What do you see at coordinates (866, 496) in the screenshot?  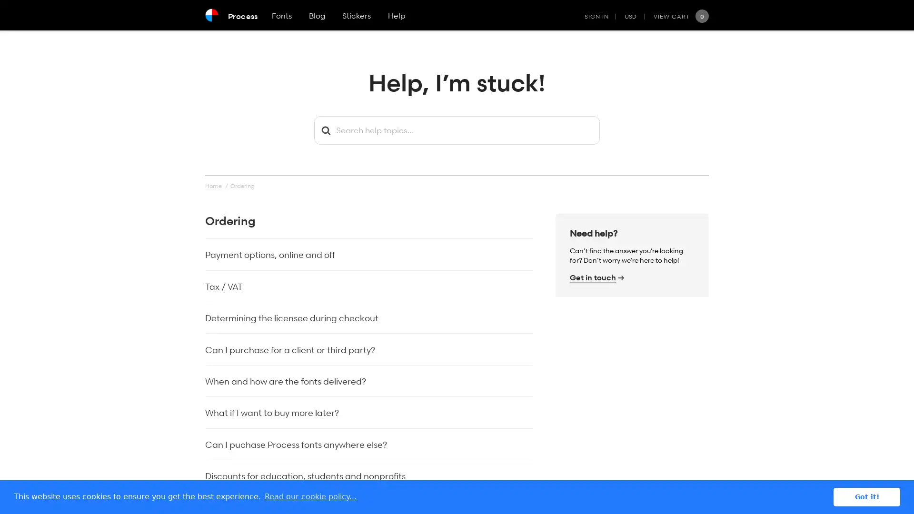 I see `dismiss cookie message` at bounding box center [866, 496].